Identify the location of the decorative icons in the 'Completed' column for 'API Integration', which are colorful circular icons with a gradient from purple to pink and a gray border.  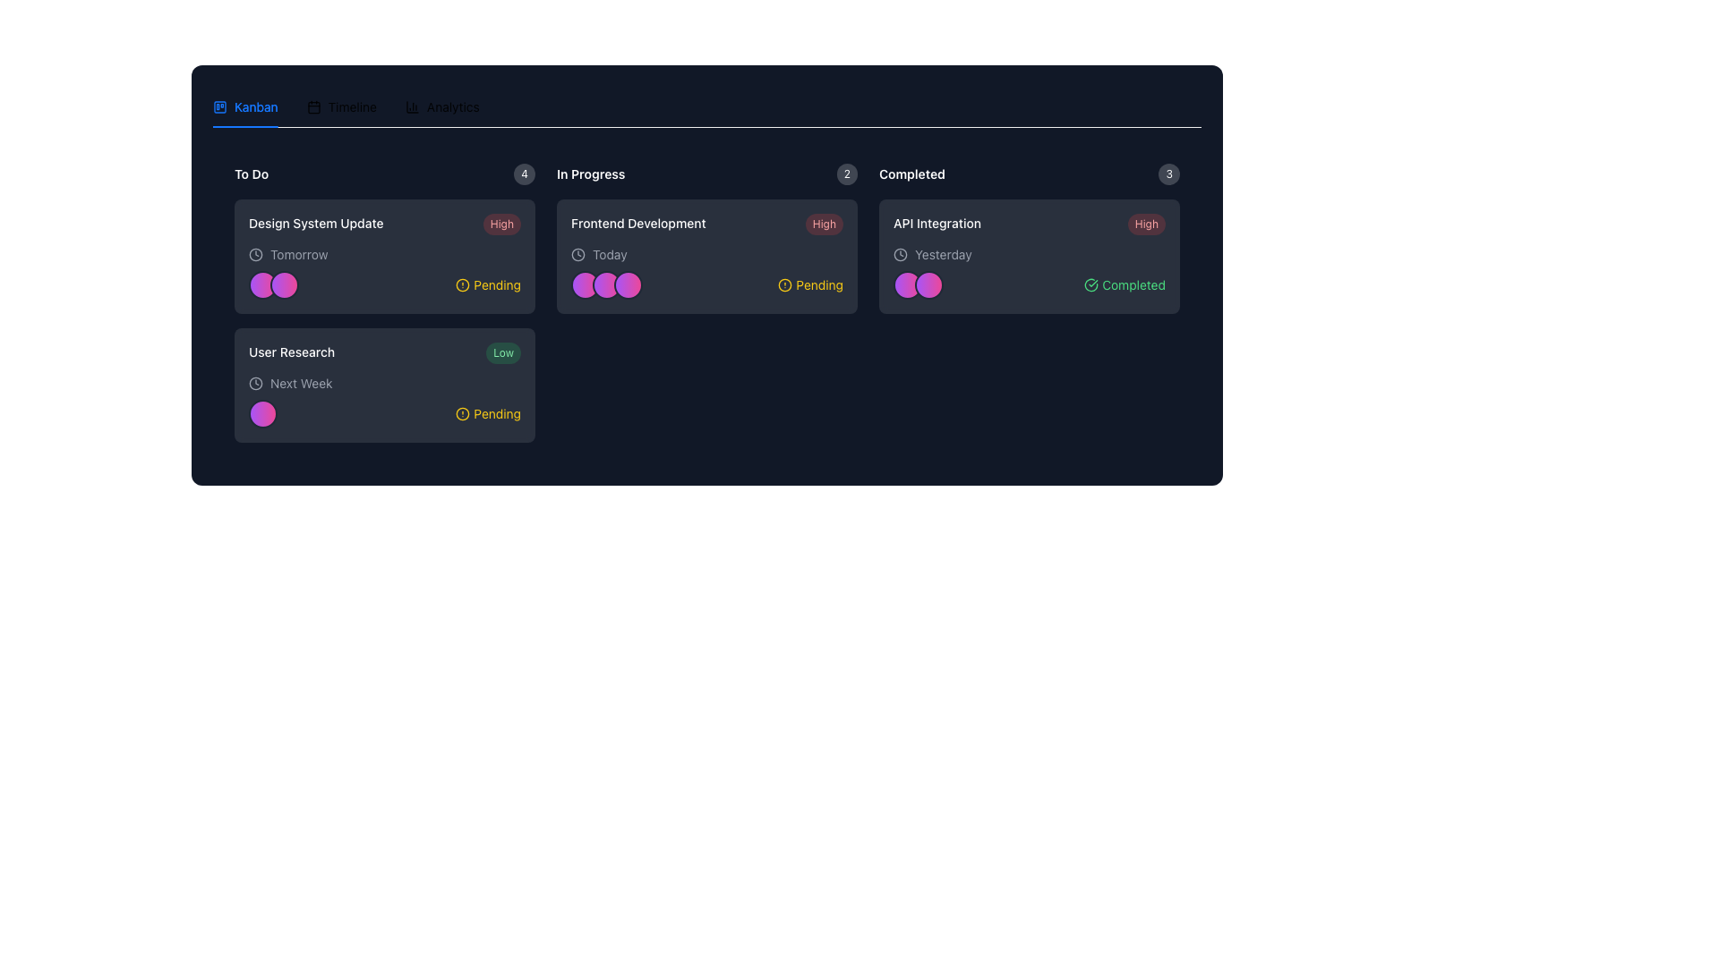
(919, 284).